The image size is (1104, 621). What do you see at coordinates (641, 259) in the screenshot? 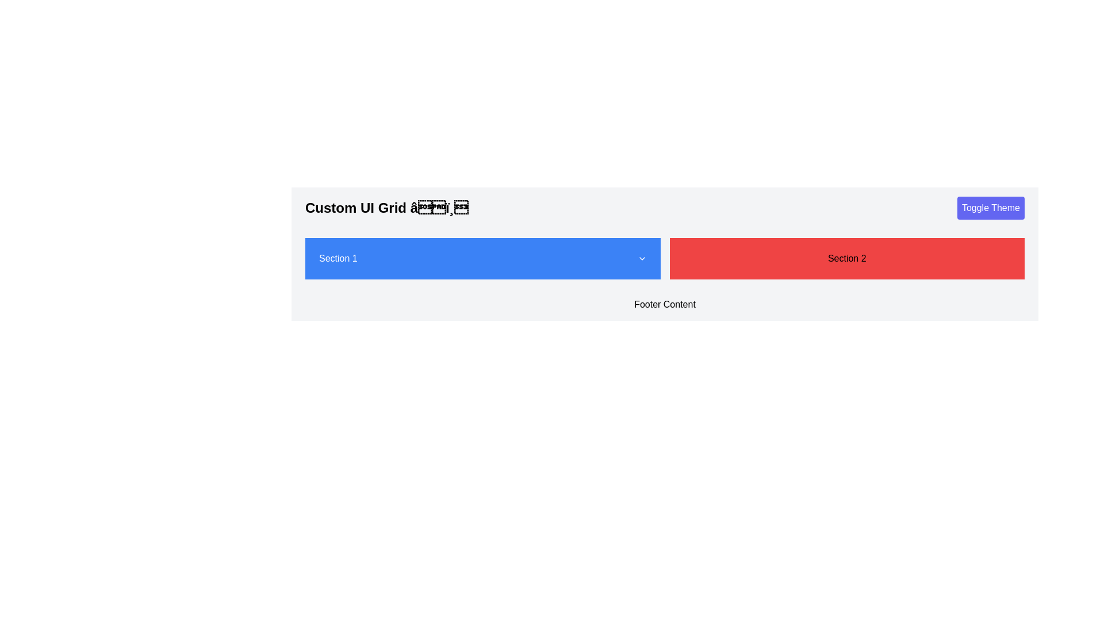
I see `the Chevron icon` at bounding box center [641, 259].